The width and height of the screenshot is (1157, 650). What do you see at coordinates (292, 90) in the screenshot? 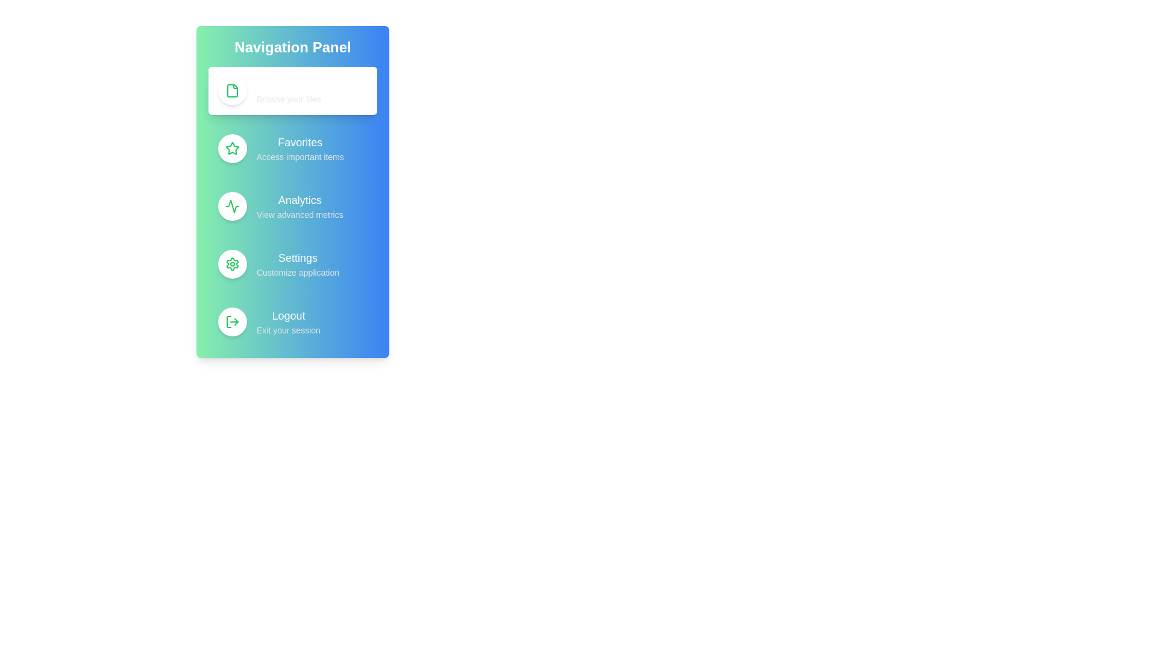
I see `the menu item 'Documents' to observe visual feedback` at bounding box center [292, 90].